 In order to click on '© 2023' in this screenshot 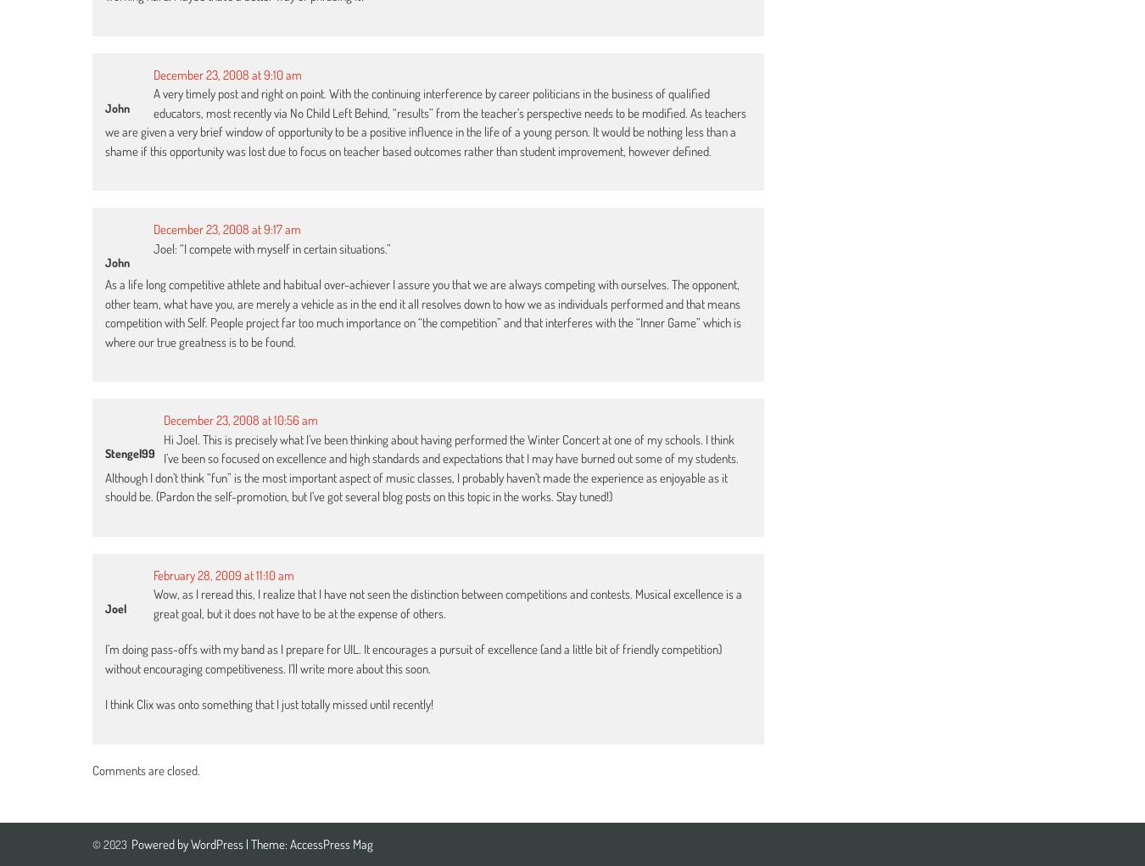, I will do `click(109, 844)`.